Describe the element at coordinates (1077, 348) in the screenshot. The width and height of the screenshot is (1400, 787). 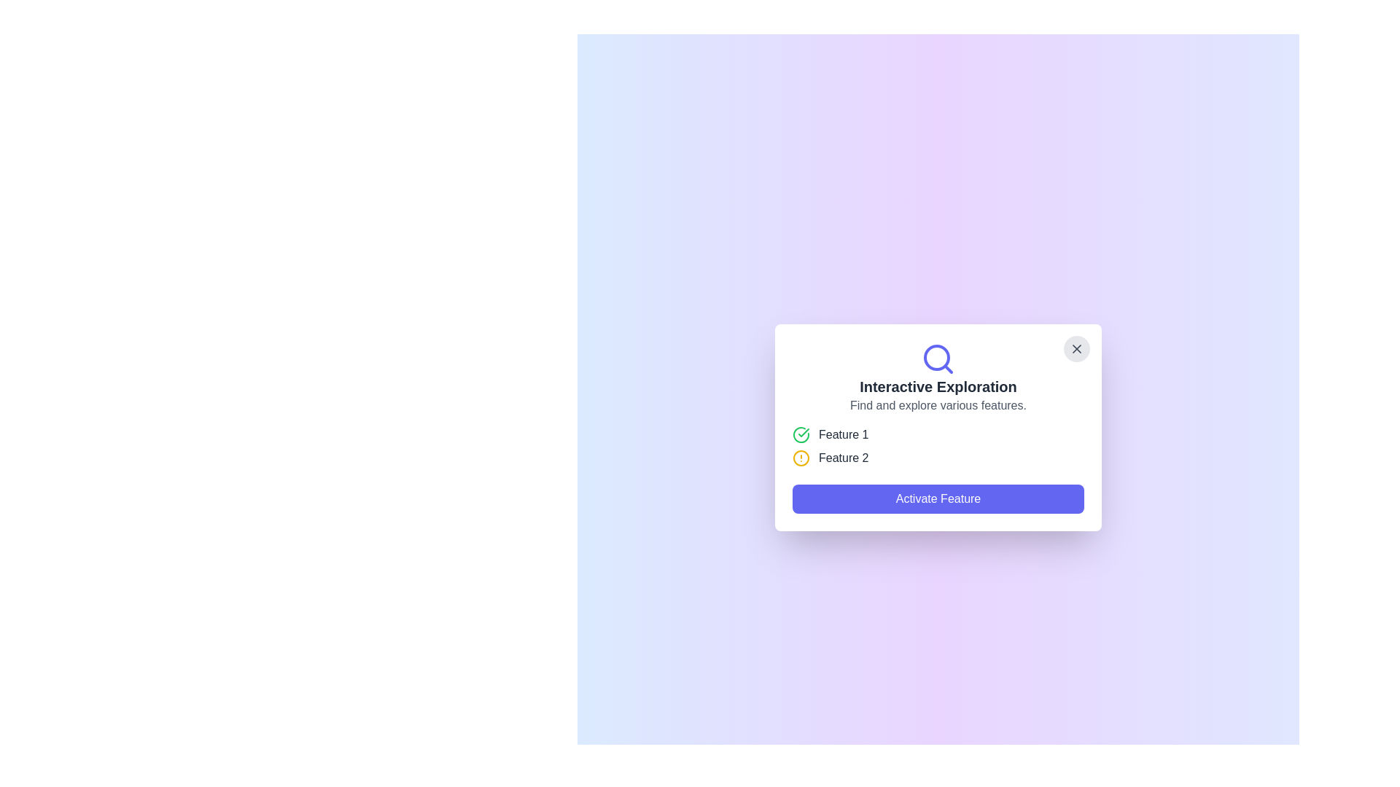
I see `the close button located at the top-right corner of the modal dialog, which is contained within a circular background` at that location.